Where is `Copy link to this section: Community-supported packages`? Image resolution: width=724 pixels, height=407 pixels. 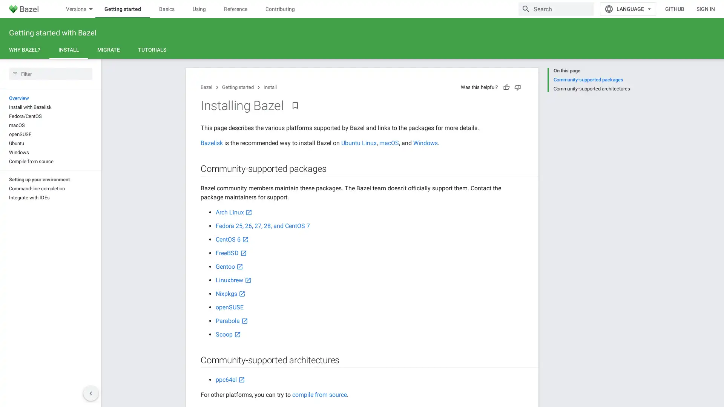 Copy link to this section: Community-supported packages is located at coordinates (333, 168).